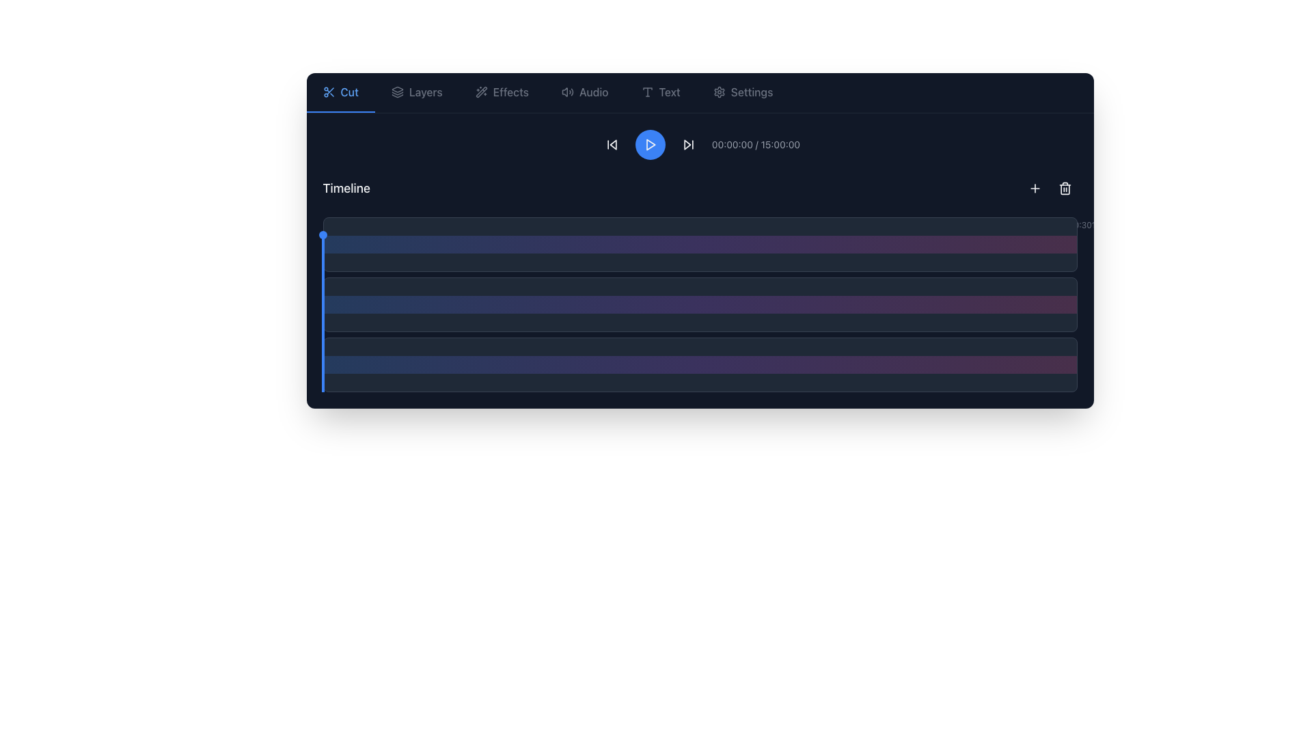 This screenshot has width=1312, height=738. What do you see at coordinates (700, 244) in the screenshot?
I see `the narrow horizontal bar with a gradient background transitioning from blue to purple to pink, located near the top of the interface` at bounding box center [700, 244].